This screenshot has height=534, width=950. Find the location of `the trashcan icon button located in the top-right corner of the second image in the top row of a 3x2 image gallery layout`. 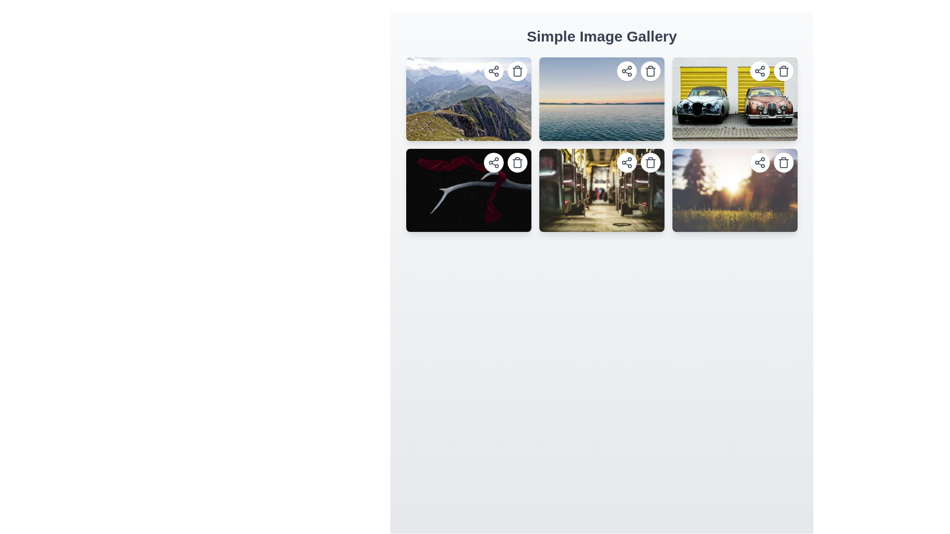

the trashcan icon button located in the top-right corner of the second image in the top row of a 3x2 image gallery layout is located at coordinates (651, 70).